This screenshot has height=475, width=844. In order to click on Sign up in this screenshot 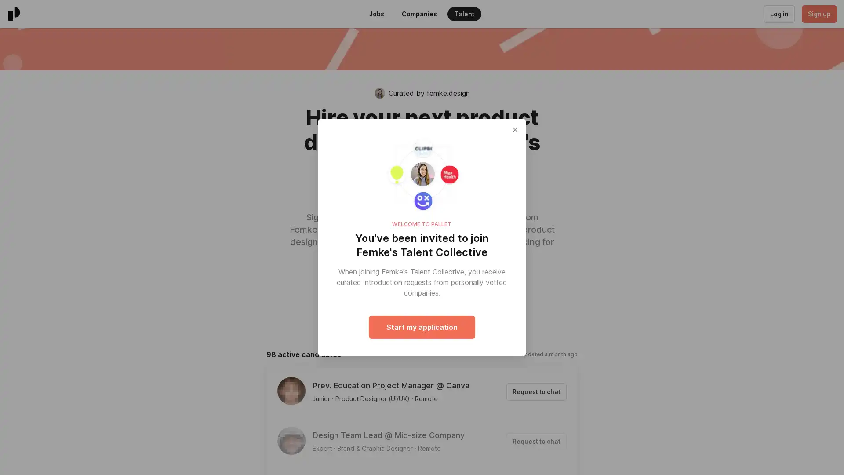, I will do `click(818, 14)`.